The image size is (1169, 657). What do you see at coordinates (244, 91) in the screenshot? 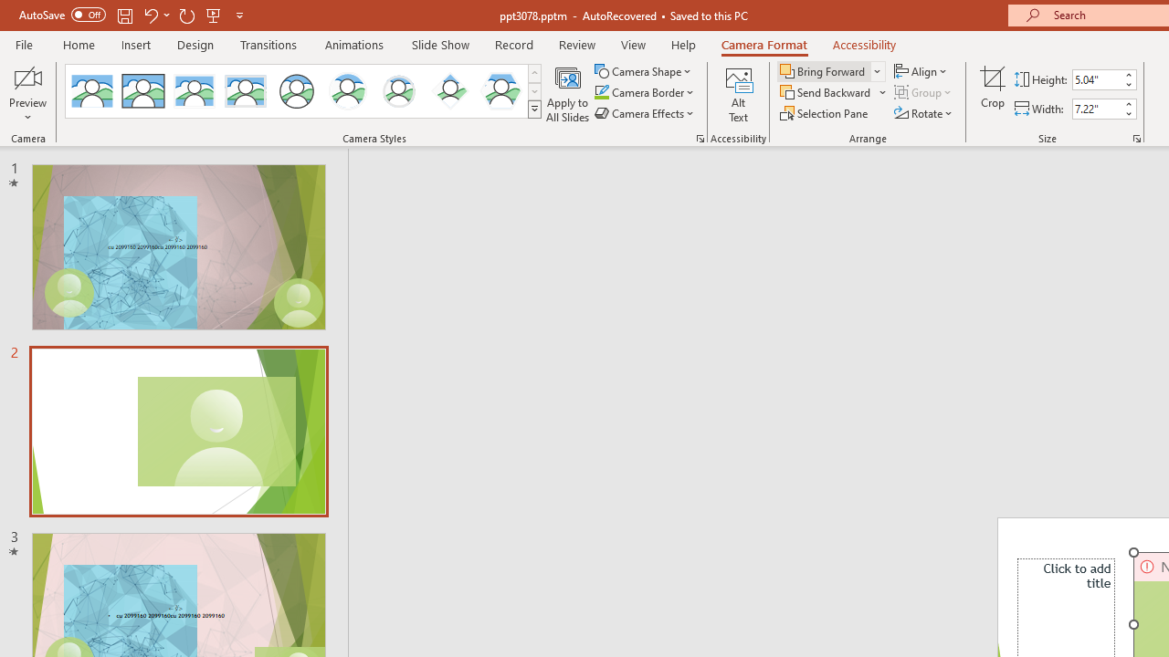
I see `'Soft Edge Rectangle'` at bounding box center [244, 91].